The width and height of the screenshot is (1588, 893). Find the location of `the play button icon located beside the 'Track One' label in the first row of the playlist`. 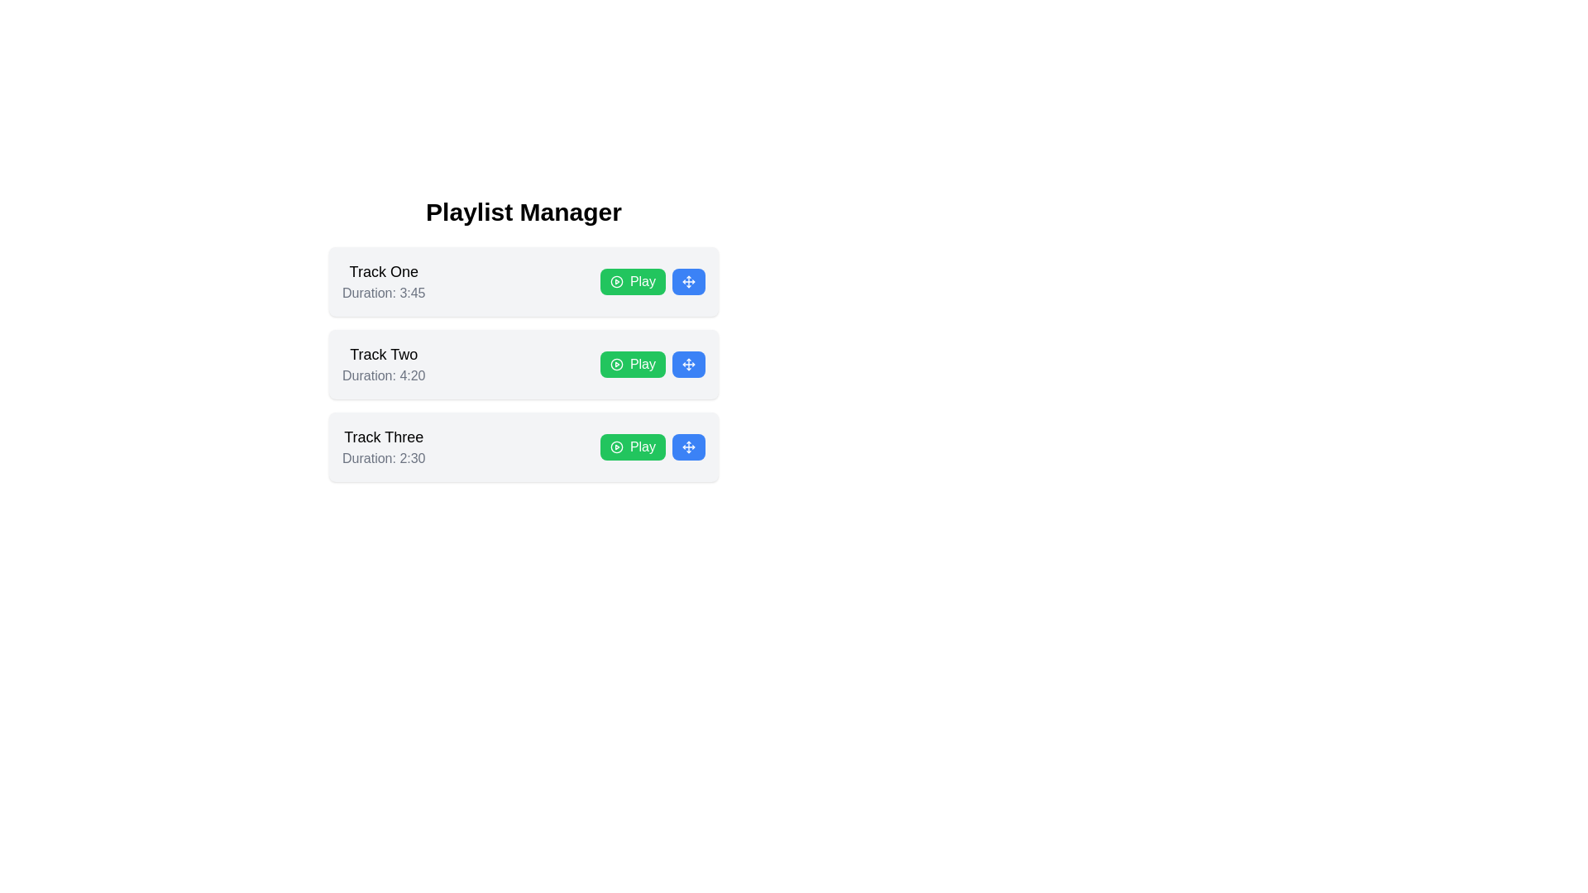

the play button icon located beside the 'Track One' label in the first row of the playlist is located at coordinates (615, 280).